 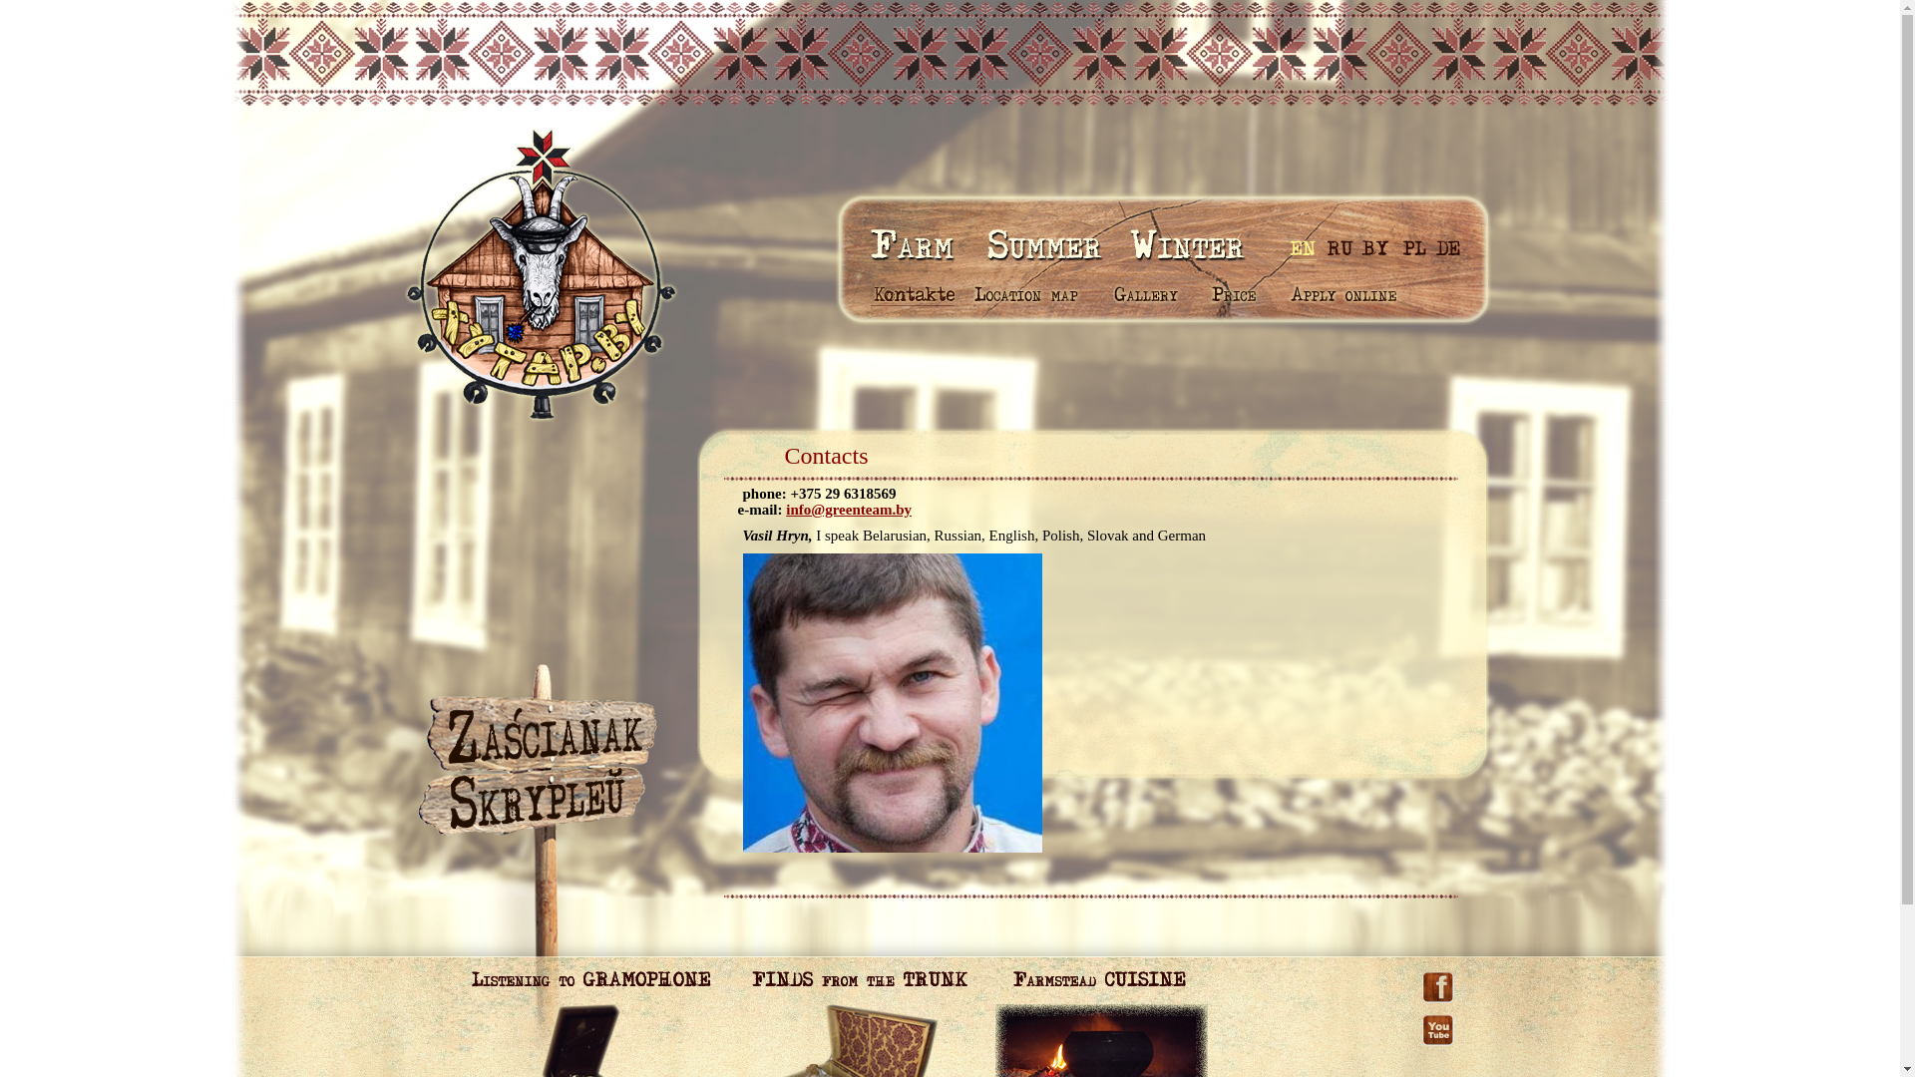 I want to click on 'Youtube', so click(x=1437, y=1012).